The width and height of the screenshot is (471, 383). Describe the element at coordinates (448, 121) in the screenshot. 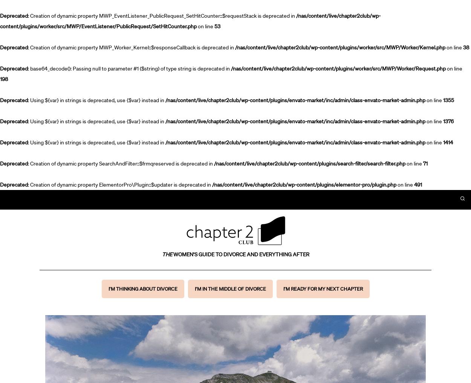

I see `'1376'` at that location.